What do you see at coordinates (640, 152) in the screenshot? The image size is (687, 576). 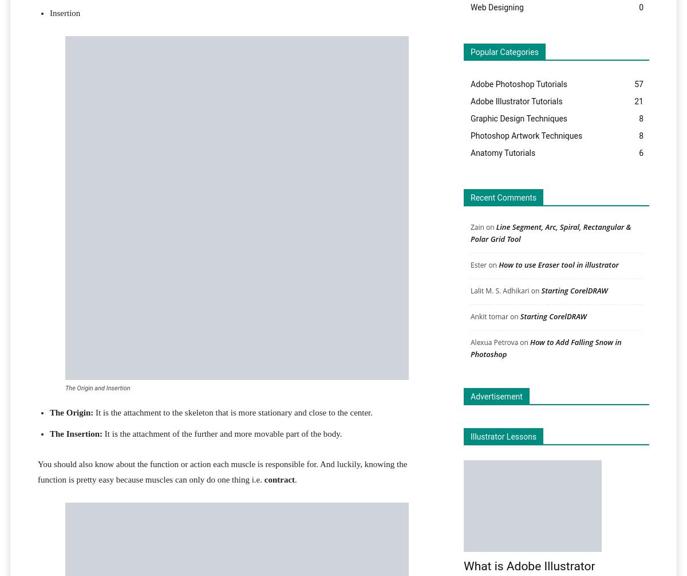 I see `'6'` at bounding box center [640, 152].